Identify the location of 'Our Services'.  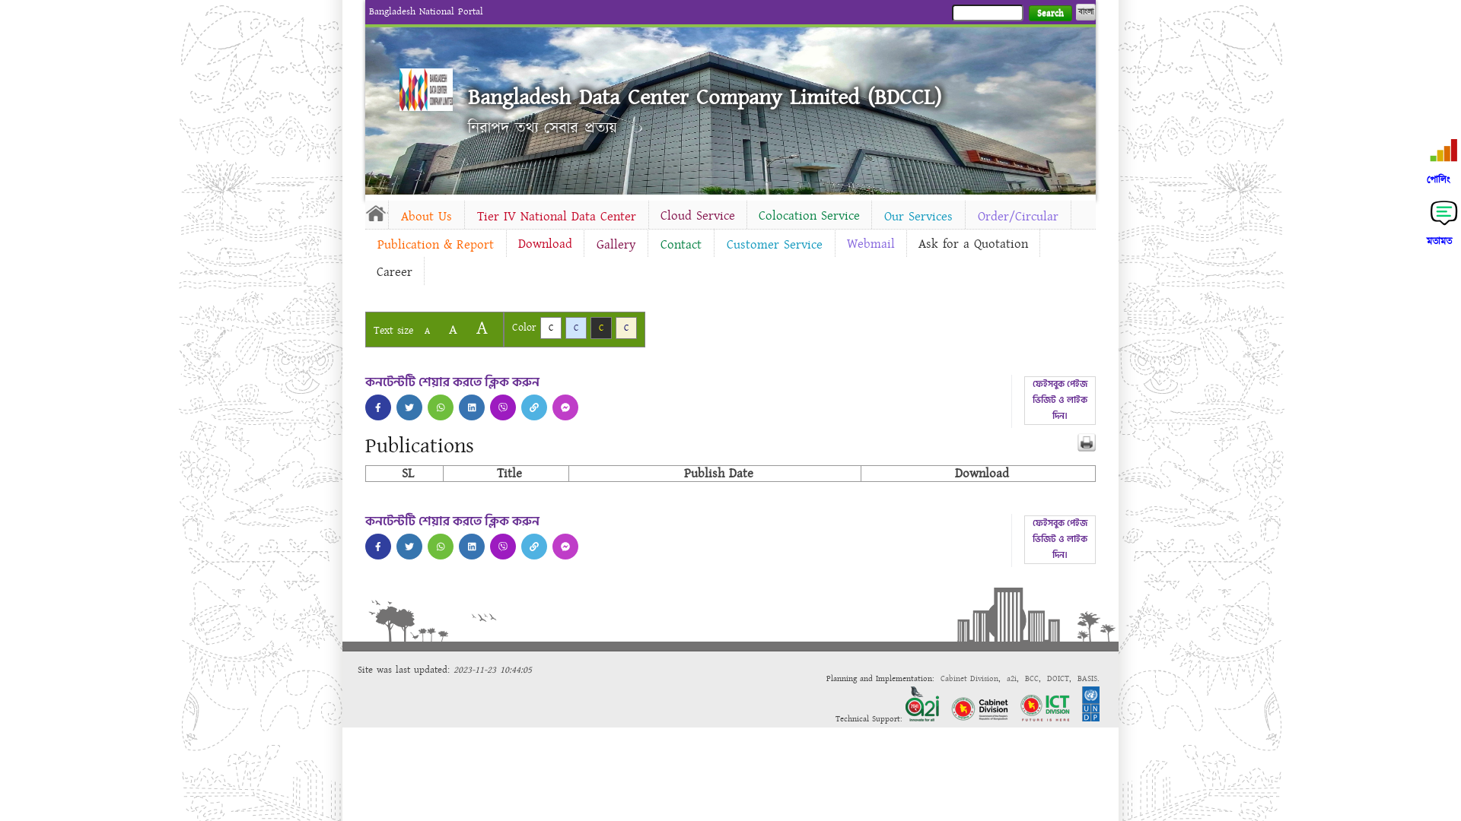
(917, 217).